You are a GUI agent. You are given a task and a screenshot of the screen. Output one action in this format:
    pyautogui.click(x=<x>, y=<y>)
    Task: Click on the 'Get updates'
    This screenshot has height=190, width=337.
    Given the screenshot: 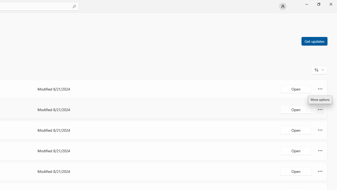 What is the action you would take?
    pyautogui.click(x=314, y=41)
    